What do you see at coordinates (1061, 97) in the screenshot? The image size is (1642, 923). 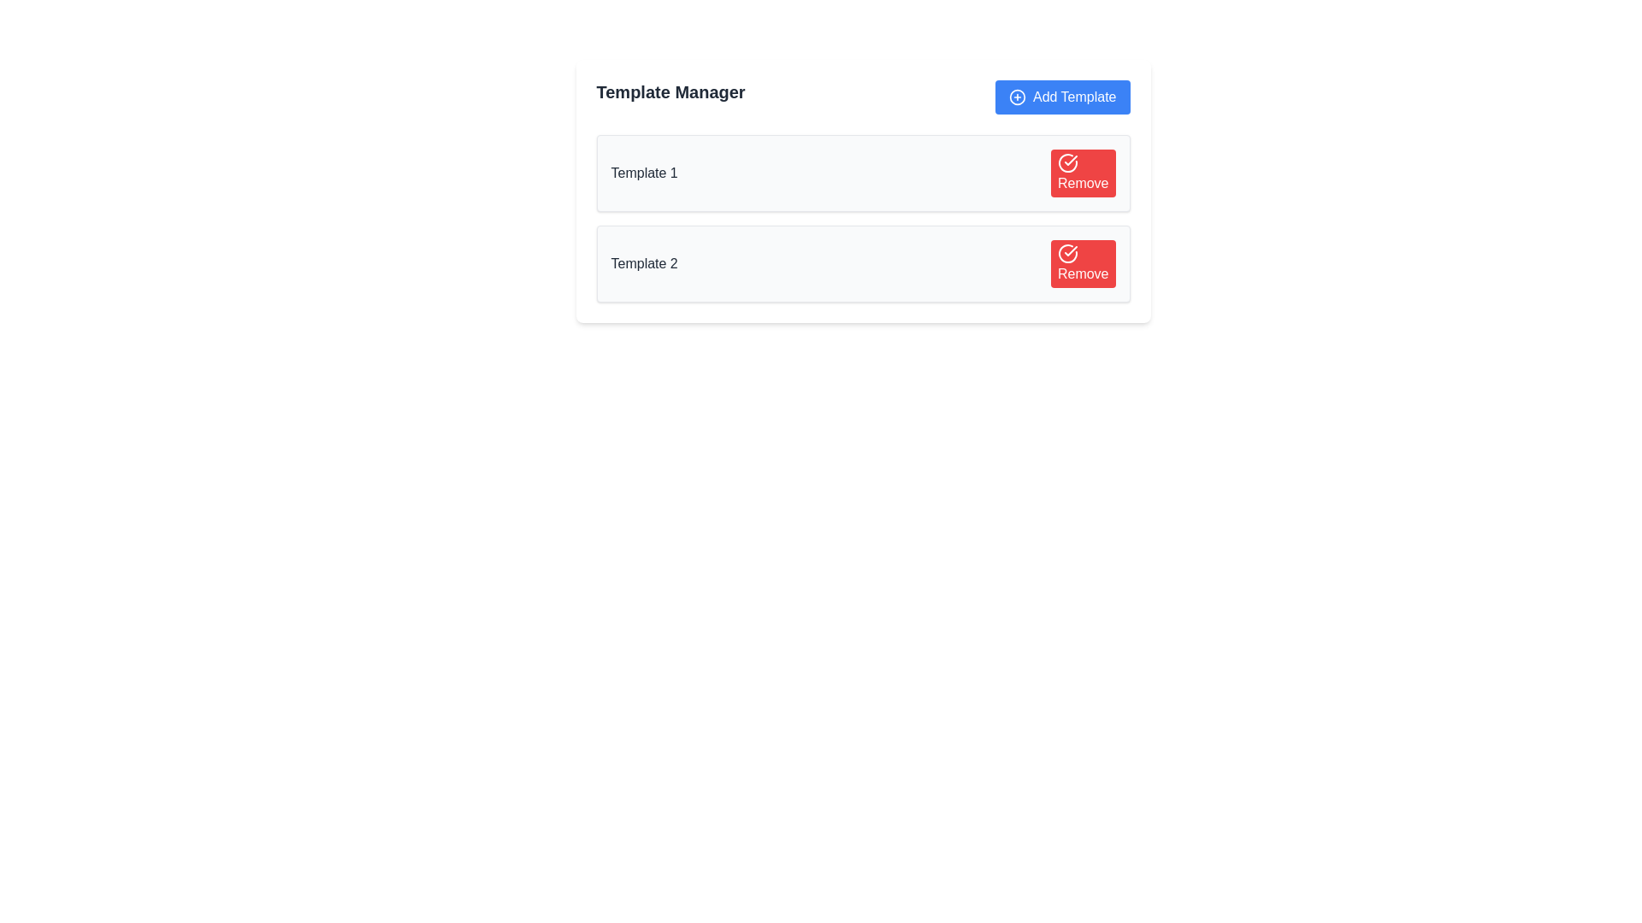 I see `the button that allows users to add a new template, located on the right side of the header section titled 'Template Manager'` at bounding box center [1061, 97].